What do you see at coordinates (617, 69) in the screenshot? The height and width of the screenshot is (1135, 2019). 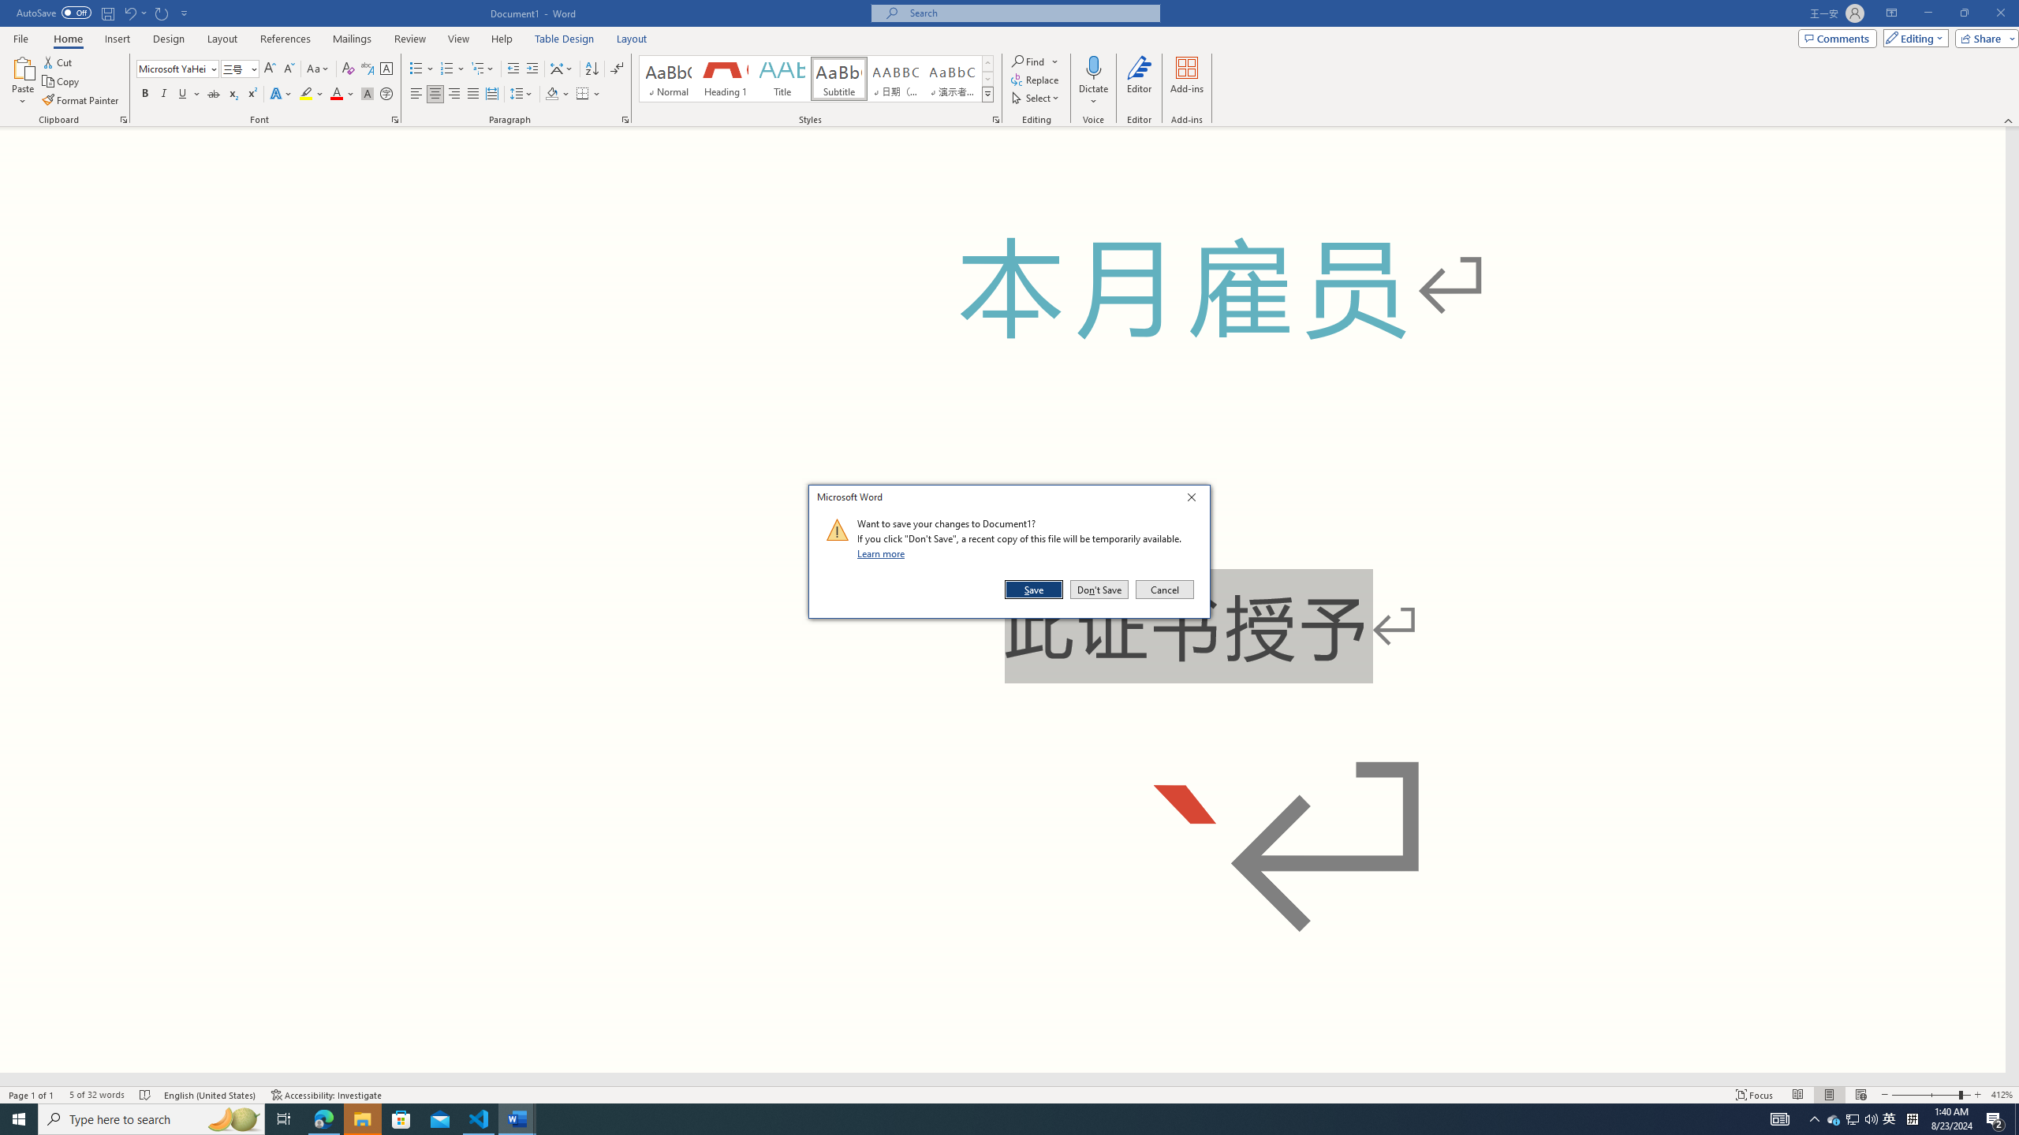 I see `'Show/Hide Editing Marks'` at bounding box center [617, 69].